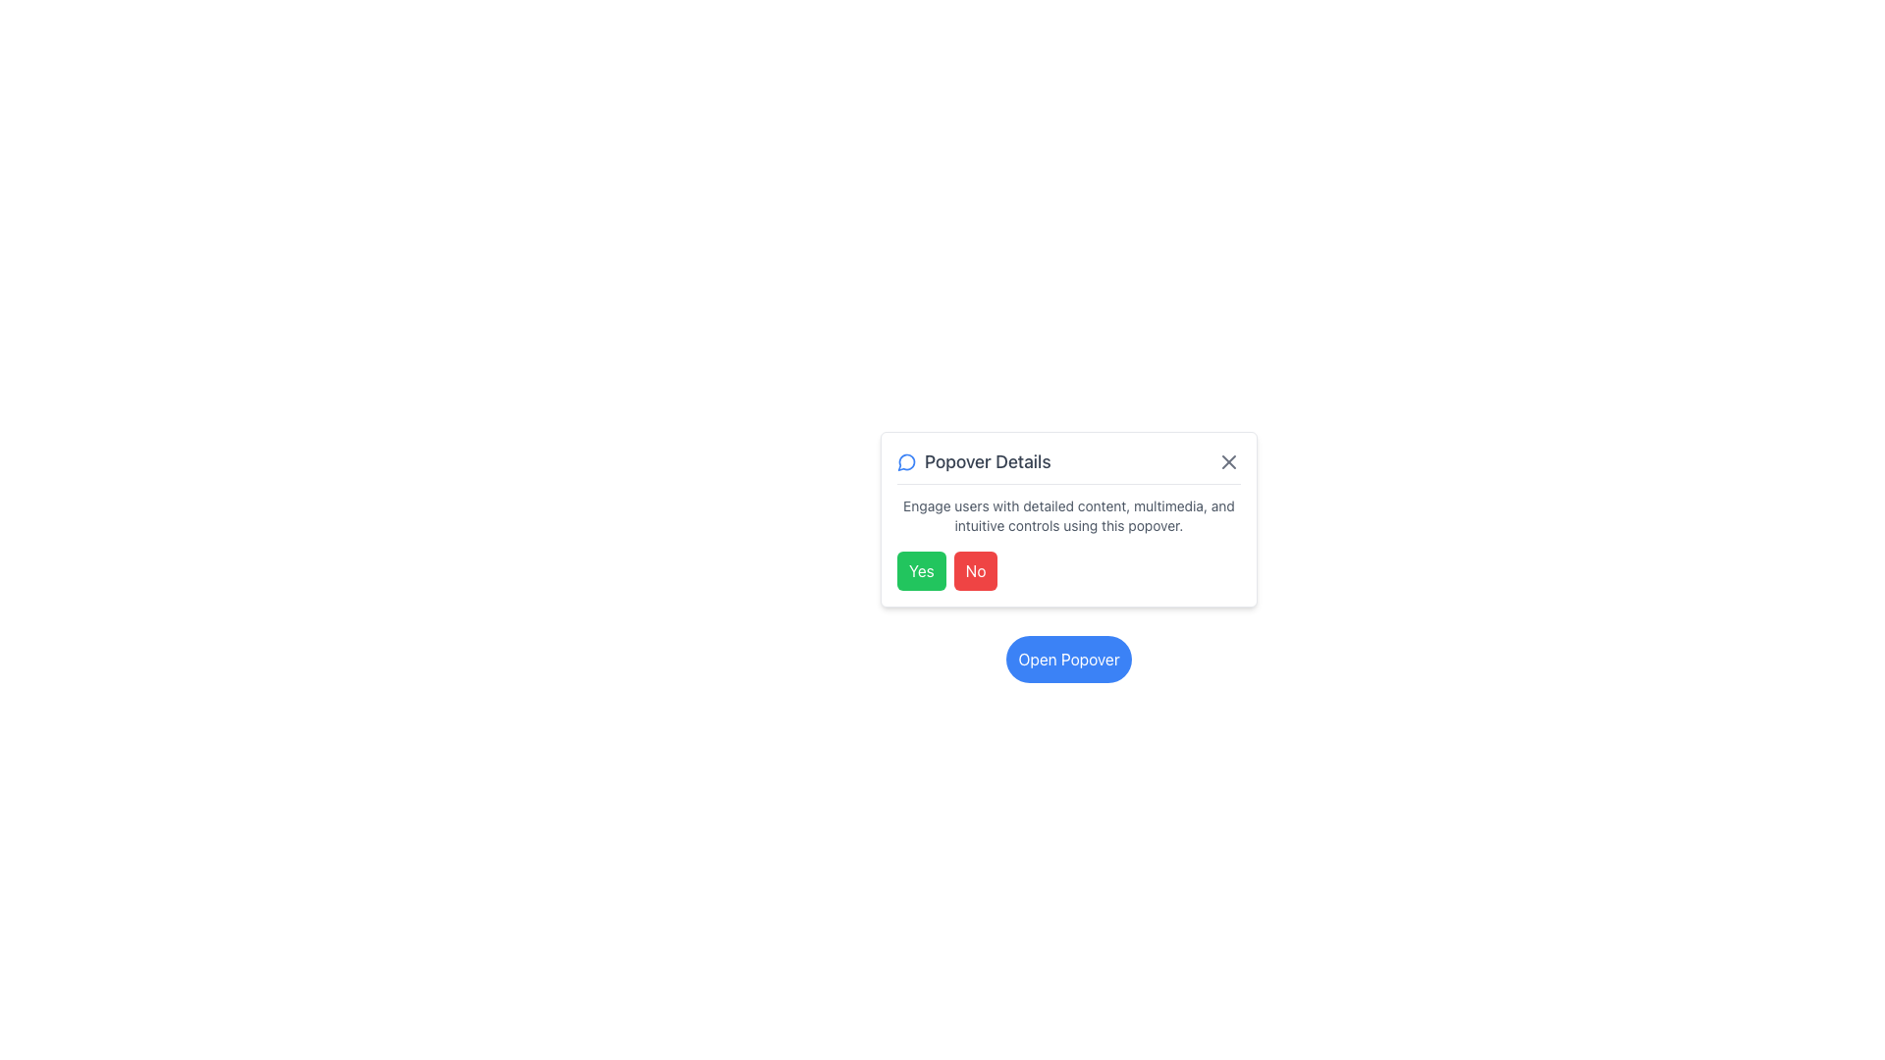 The width and height of the screenshot is (1885, 1060). Describe the element at coordinates (920, 571) in the screenshot. I see `the green button labeled 'Yes'` at that location.